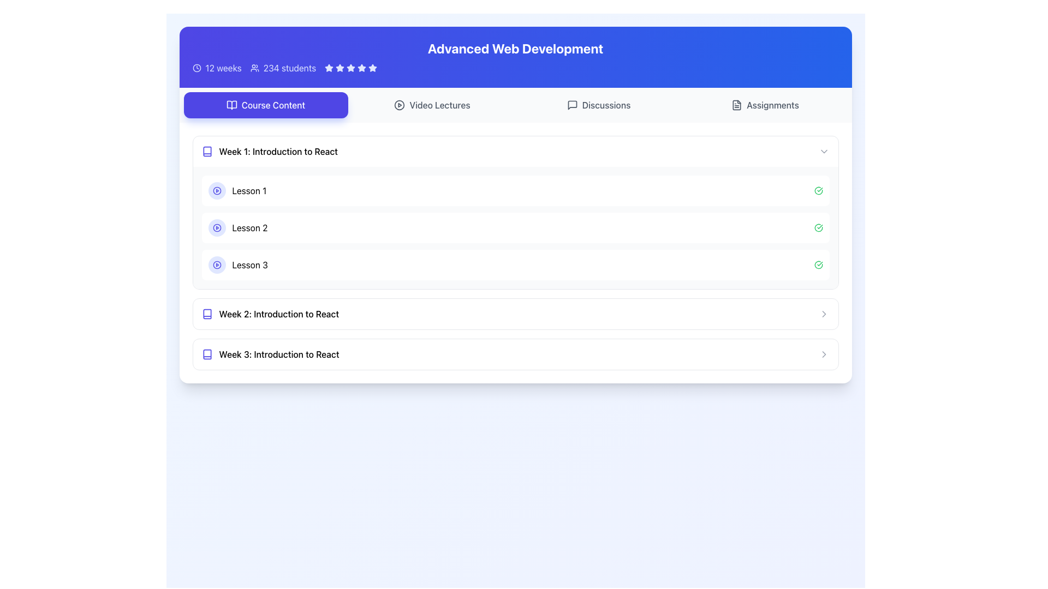 The image size is (1048, 589). Describe the element at coordinates (399, 105) in the screenshot. I see `the play icon located to the left of the 'Video Lectures' text, which likely represents a video-related action` at that location.